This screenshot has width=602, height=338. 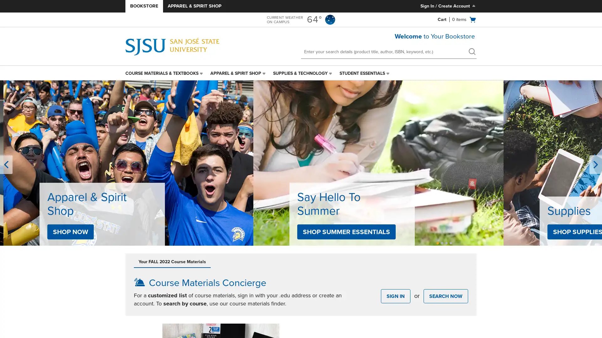 I want to click on SIGN IN, so click(x=395, y=296).